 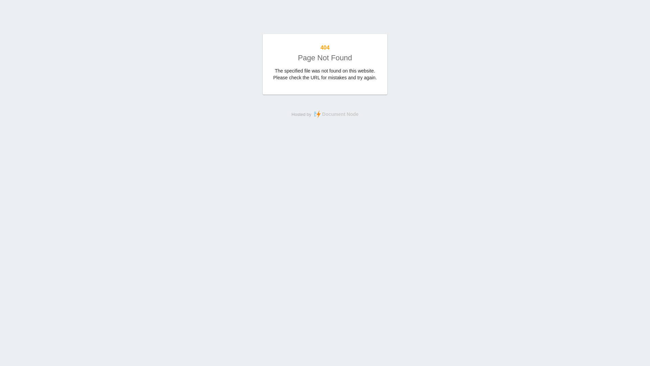 I want to click on 'Document Node', so click(x=335, y=114).